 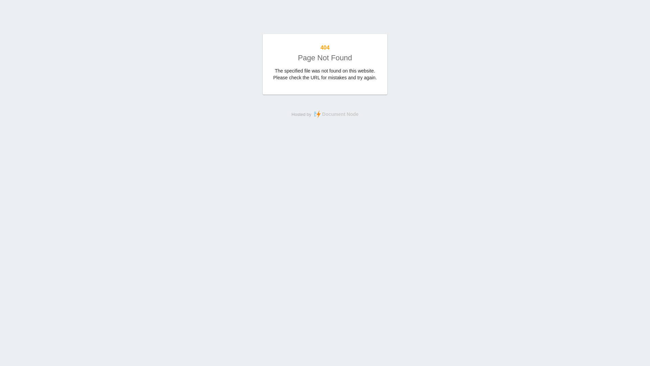 I want to click on 'Document Node', so click(x=335, y=114).